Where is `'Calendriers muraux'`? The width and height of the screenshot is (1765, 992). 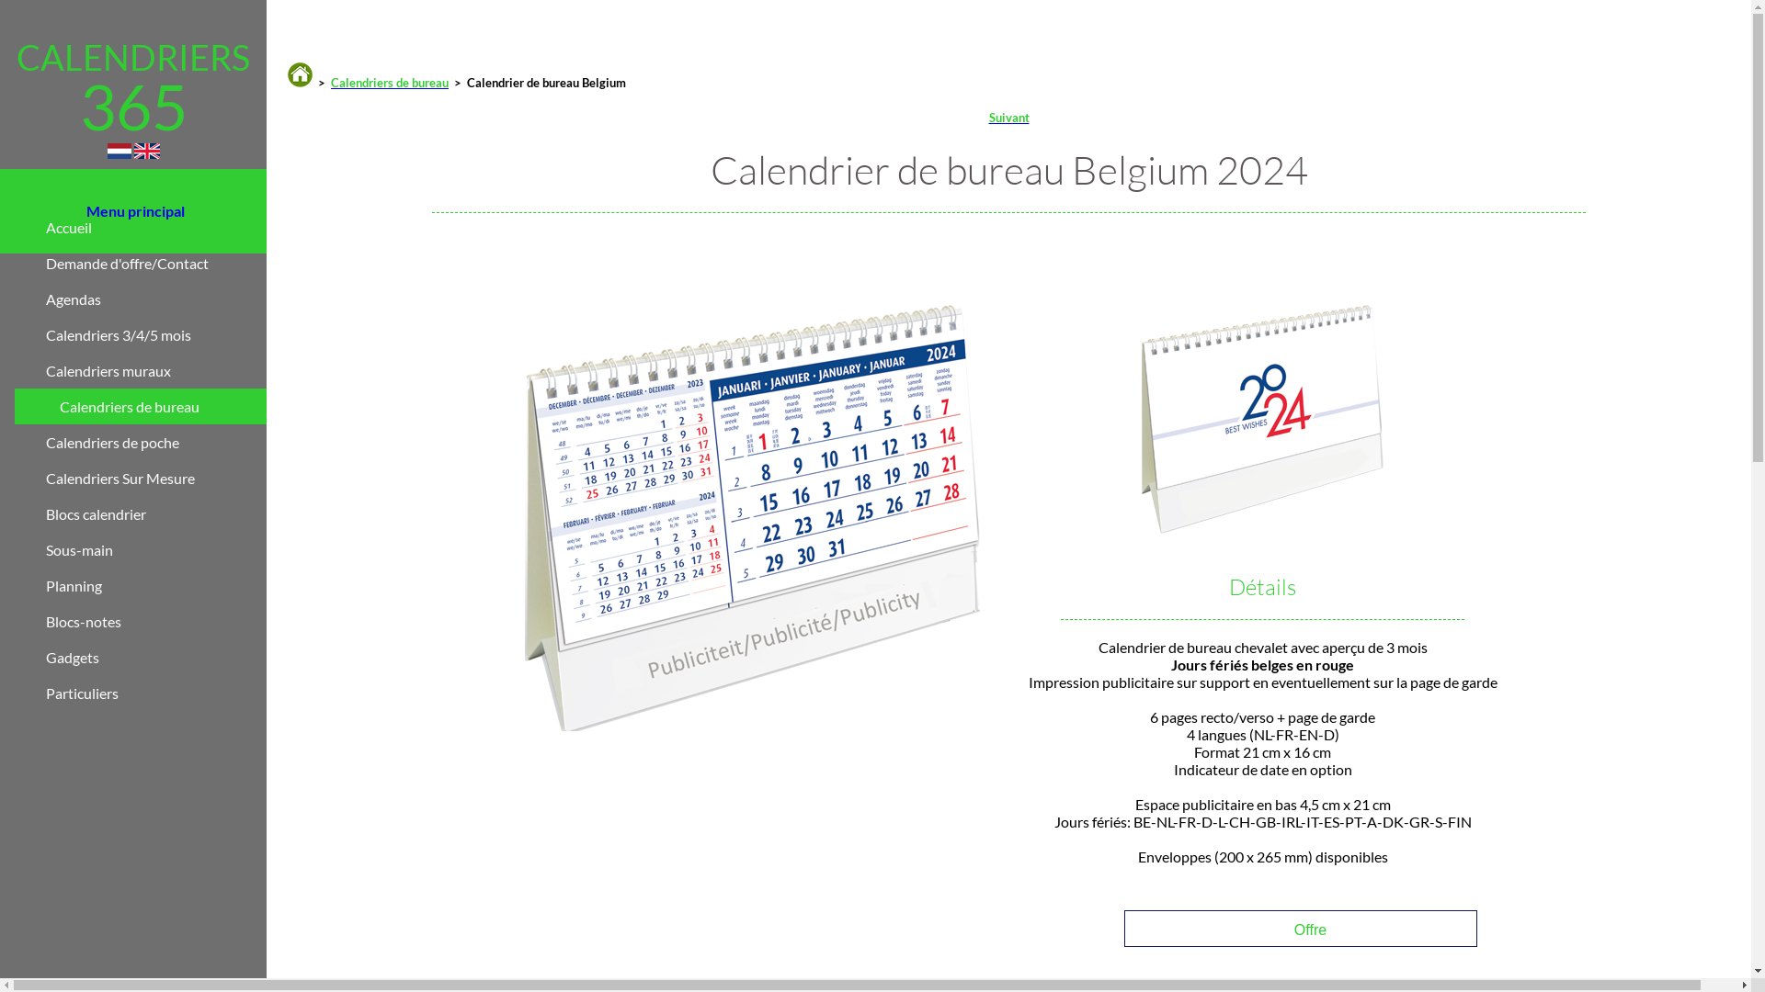 'Calendriers muraux' is located at coordinates (155, 370).